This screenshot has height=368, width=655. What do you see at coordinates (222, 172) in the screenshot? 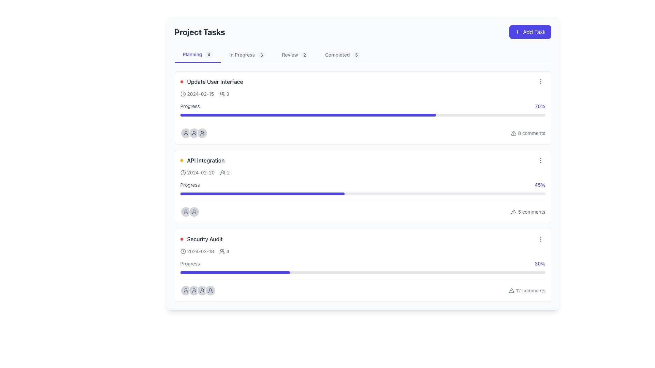
I see `the outlined circular user icon located in the second task card of the 'Planning' section, which is positioned to the left of the numeric indicator '2'` at bounding box center [222, 172].